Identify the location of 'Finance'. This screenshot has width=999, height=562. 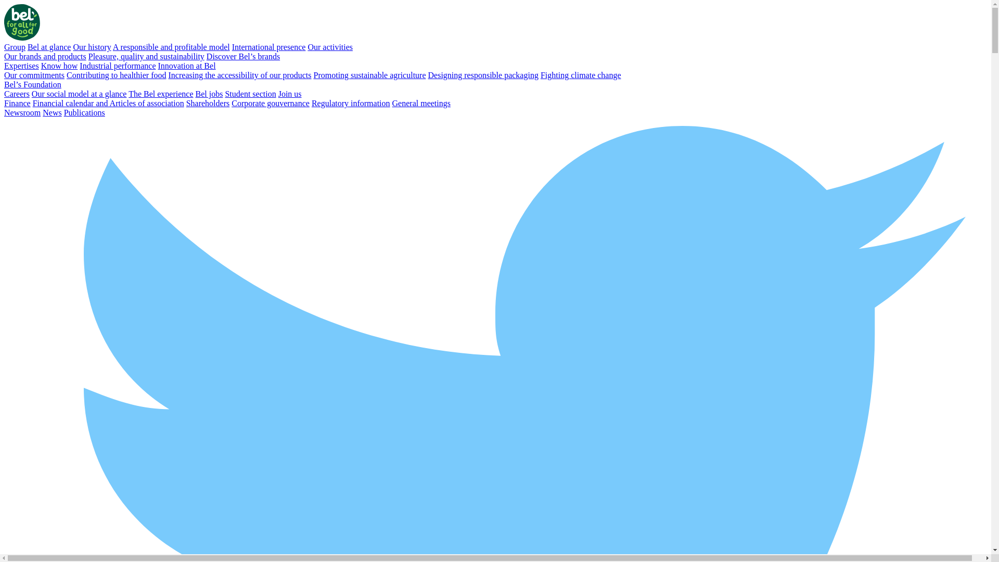
(17, 103).